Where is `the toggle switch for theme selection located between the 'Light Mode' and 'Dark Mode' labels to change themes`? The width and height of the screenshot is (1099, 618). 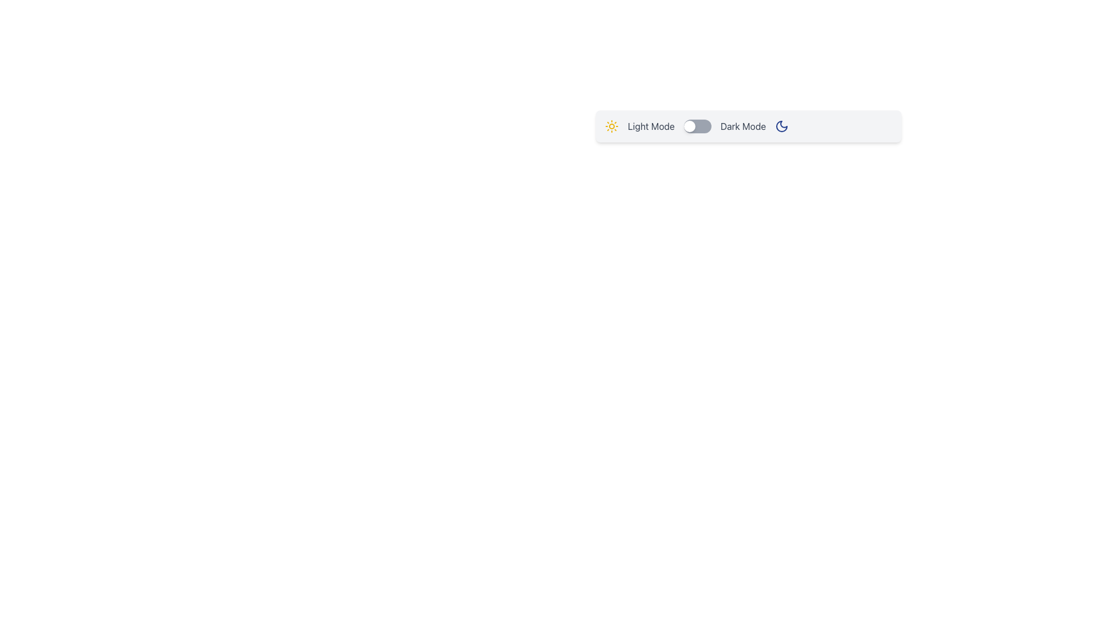 the toggle switch for theme selection located between the 'Light Mode' and 'Dark Mode' labels to change themes is located at coordinates (696, 126).